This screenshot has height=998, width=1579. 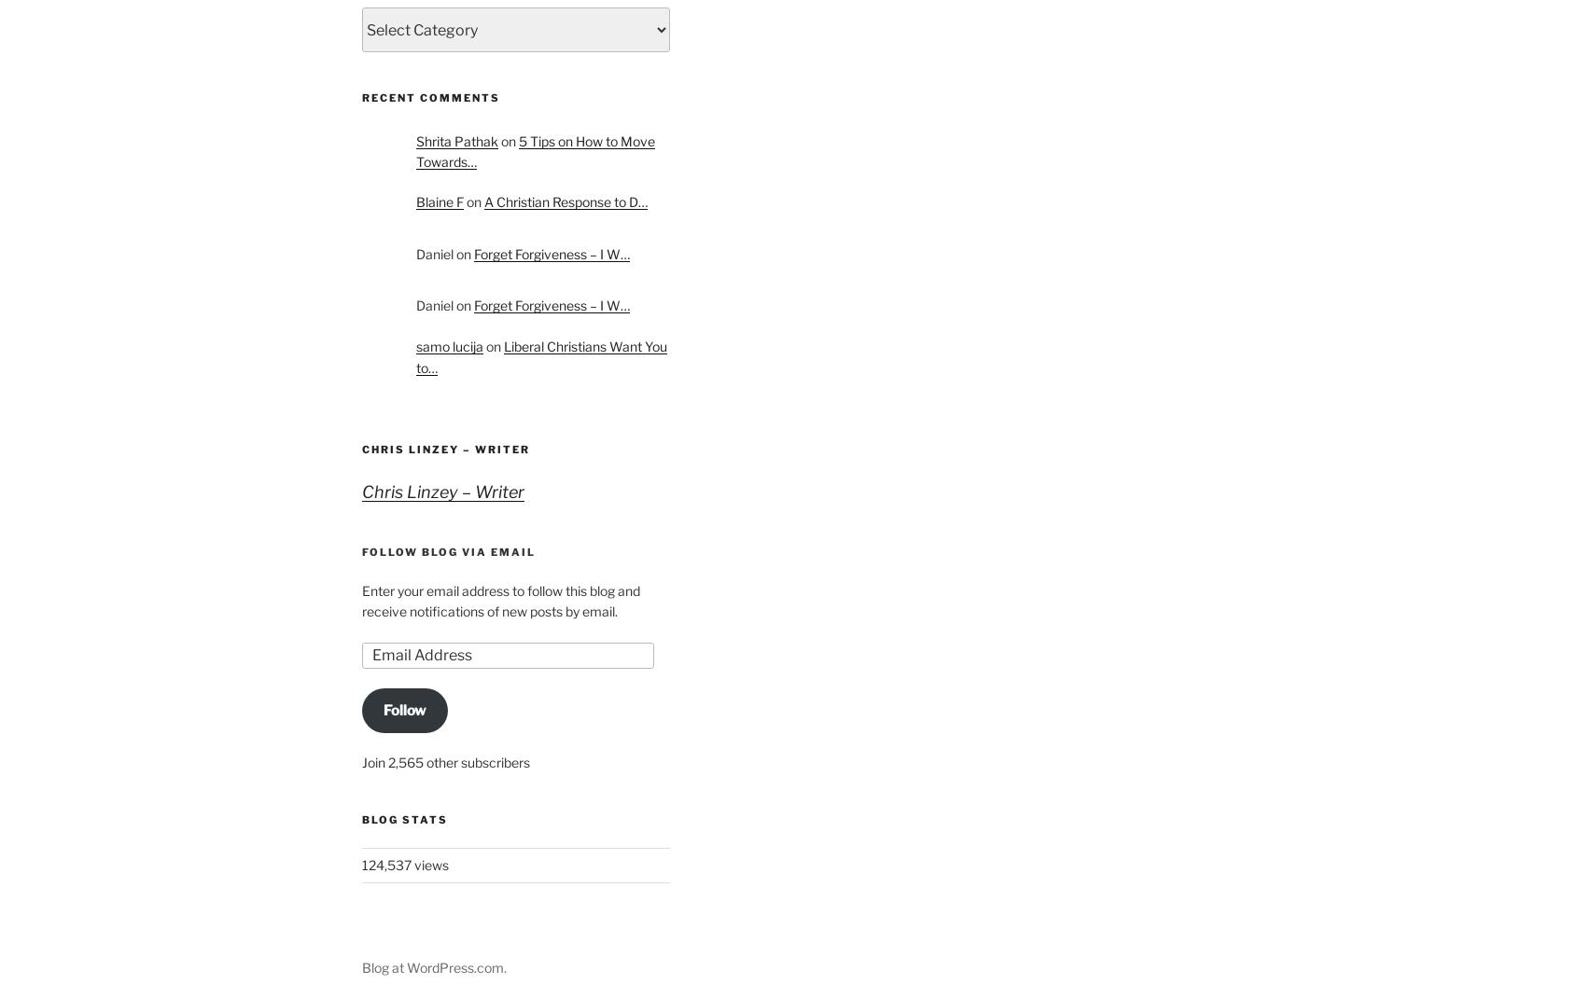 What do you see at coordinates (449, 345) in the screenshot?
I see `'samo lucija'` at bounding box center [449, 345].